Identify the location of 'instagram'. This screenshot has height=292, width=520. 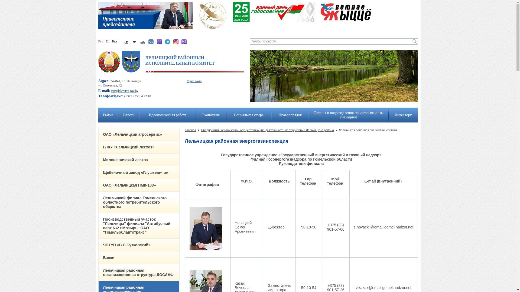
(176, 43).